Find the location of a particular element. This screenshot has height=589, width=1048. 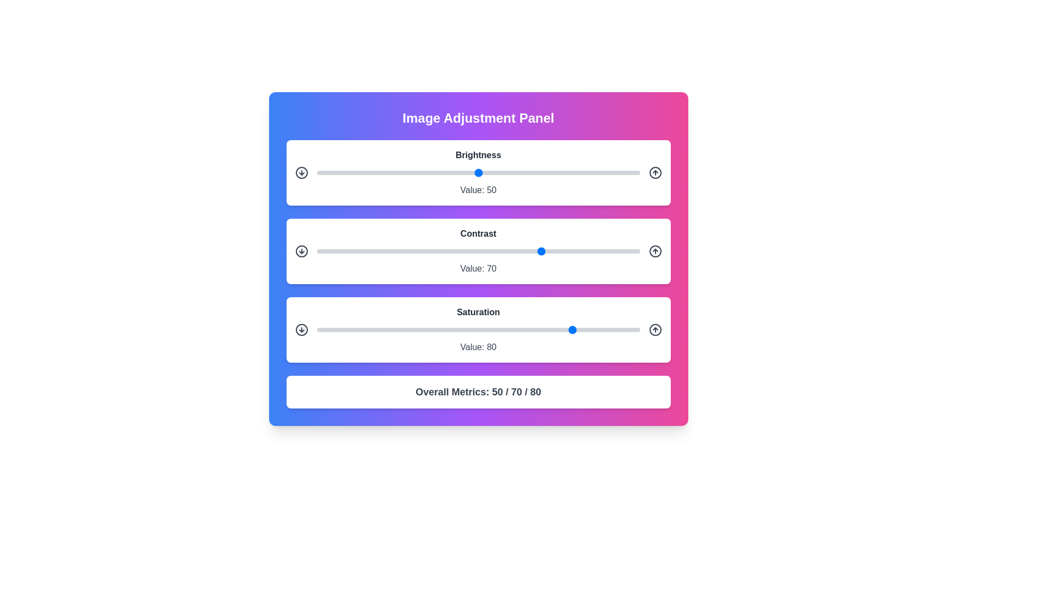

saturation level is located at coordinates (571, 329).